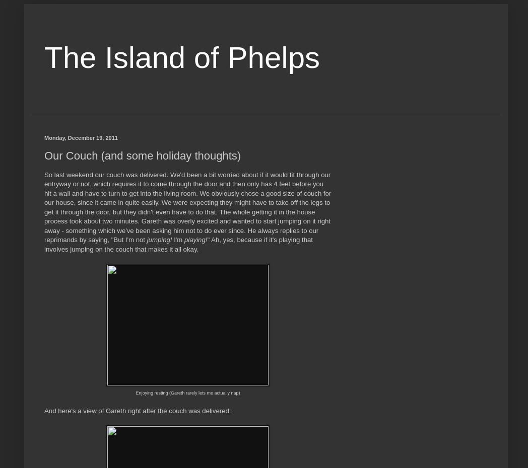 Image resolution: width=528 pixels, height=468 pixels. Describe the element at coordinates (81, 137) in the screenshot. I see `'Monday, December 19, 2011'` at that location.